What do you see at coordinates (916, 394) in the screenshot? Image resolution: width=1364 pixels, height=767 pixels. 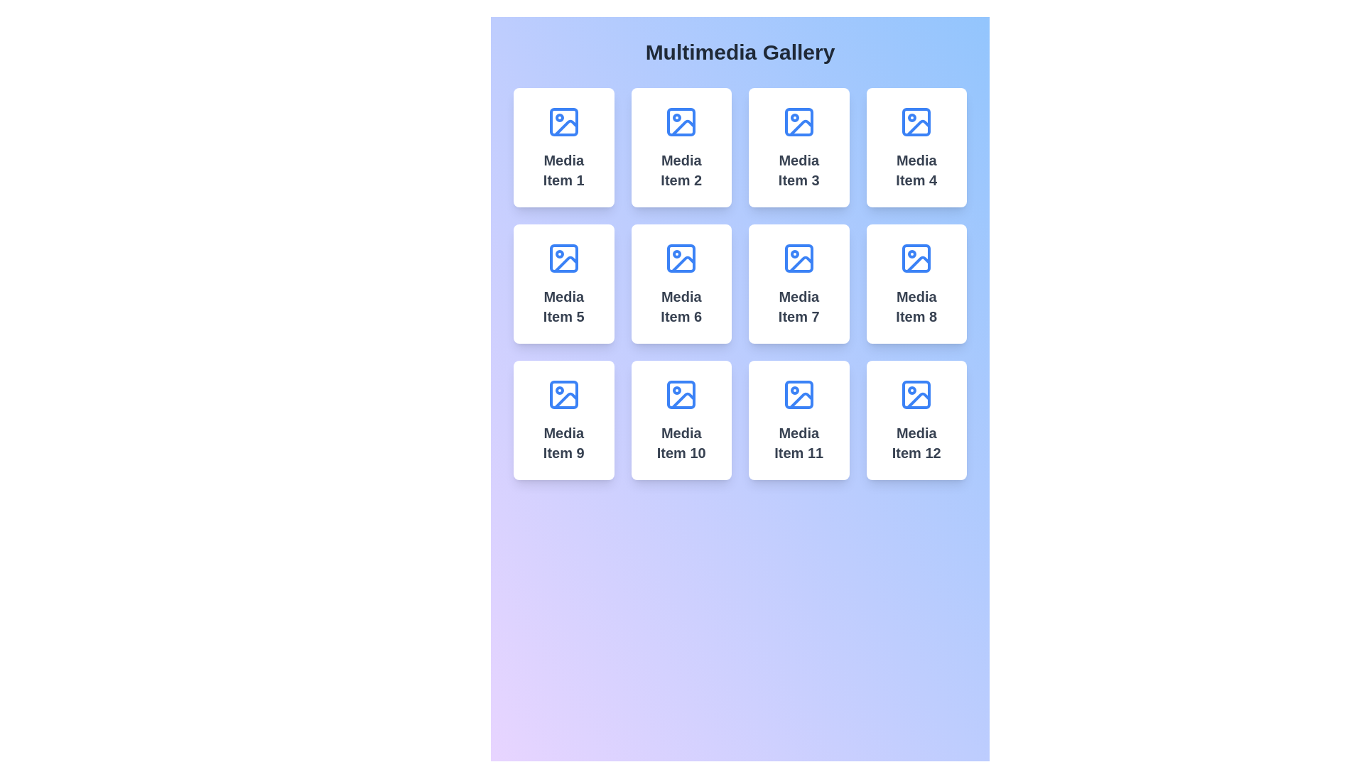 I see `the icon representing 'Media Item 12' located in the bottom-right corner of the grid layout under 'Multimedia Gallery'` at bounding box center [916, 394].